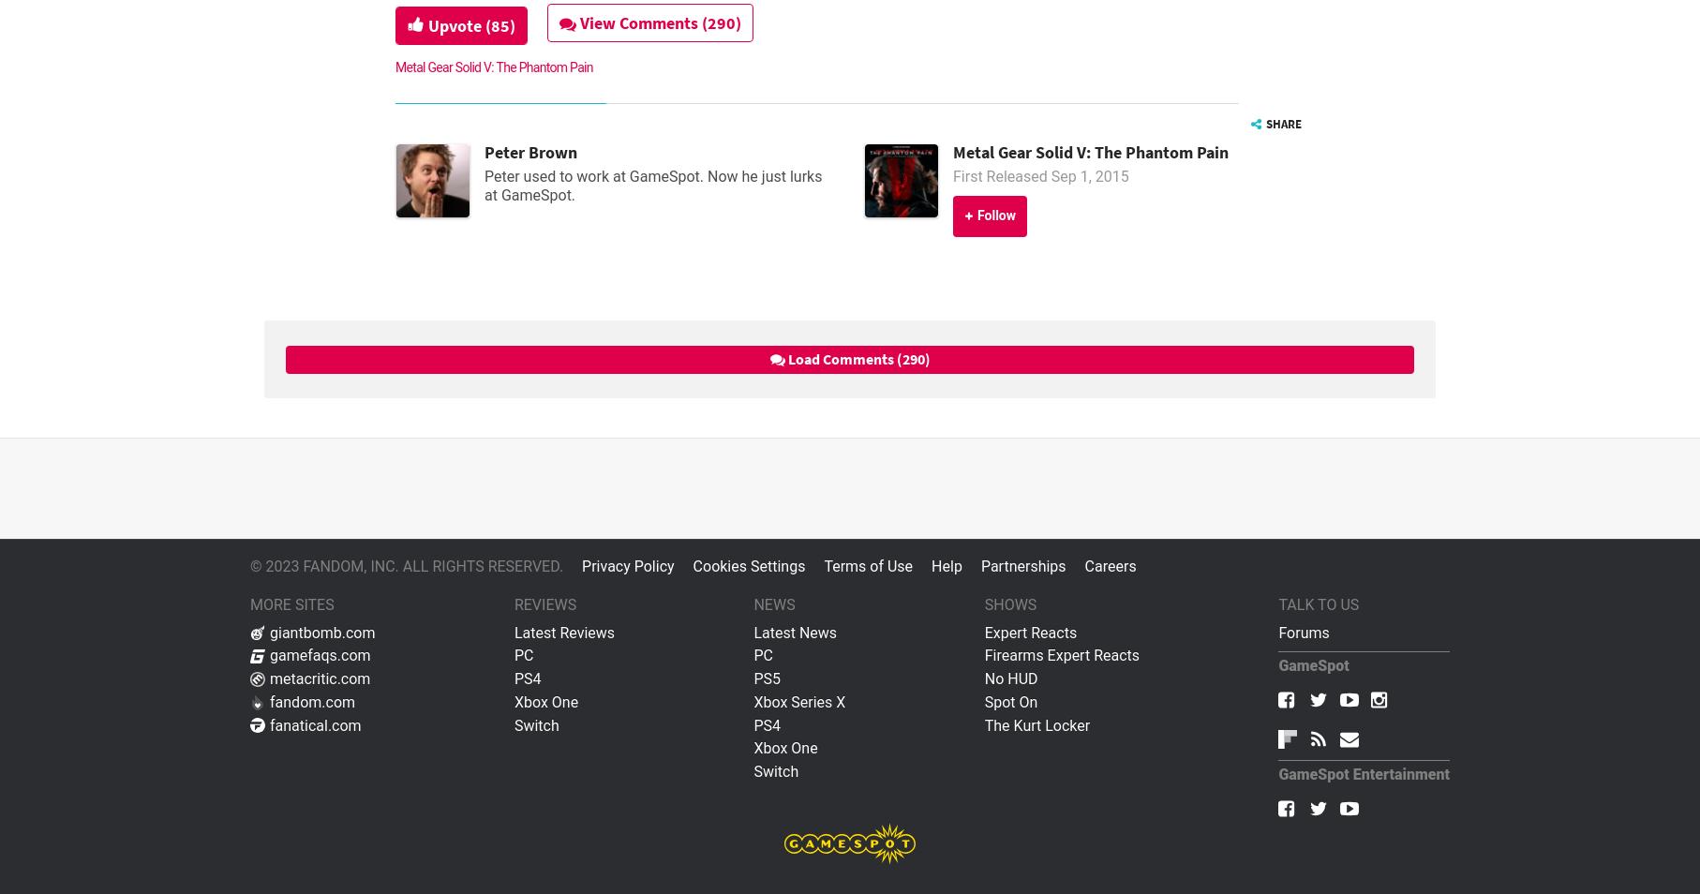 The height and width of the screenshot is (894, 1700). What do you see at coordinates (772, 603) in the screenshot?
I see `'News'` at bounding box center [772, 603].